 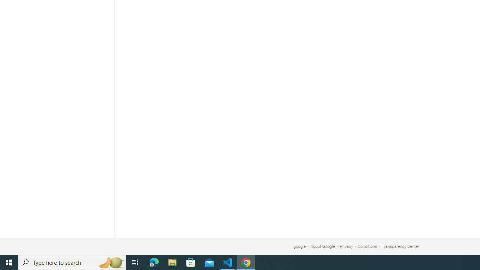 I want to click on 'Start', so click(x=9, y=262).